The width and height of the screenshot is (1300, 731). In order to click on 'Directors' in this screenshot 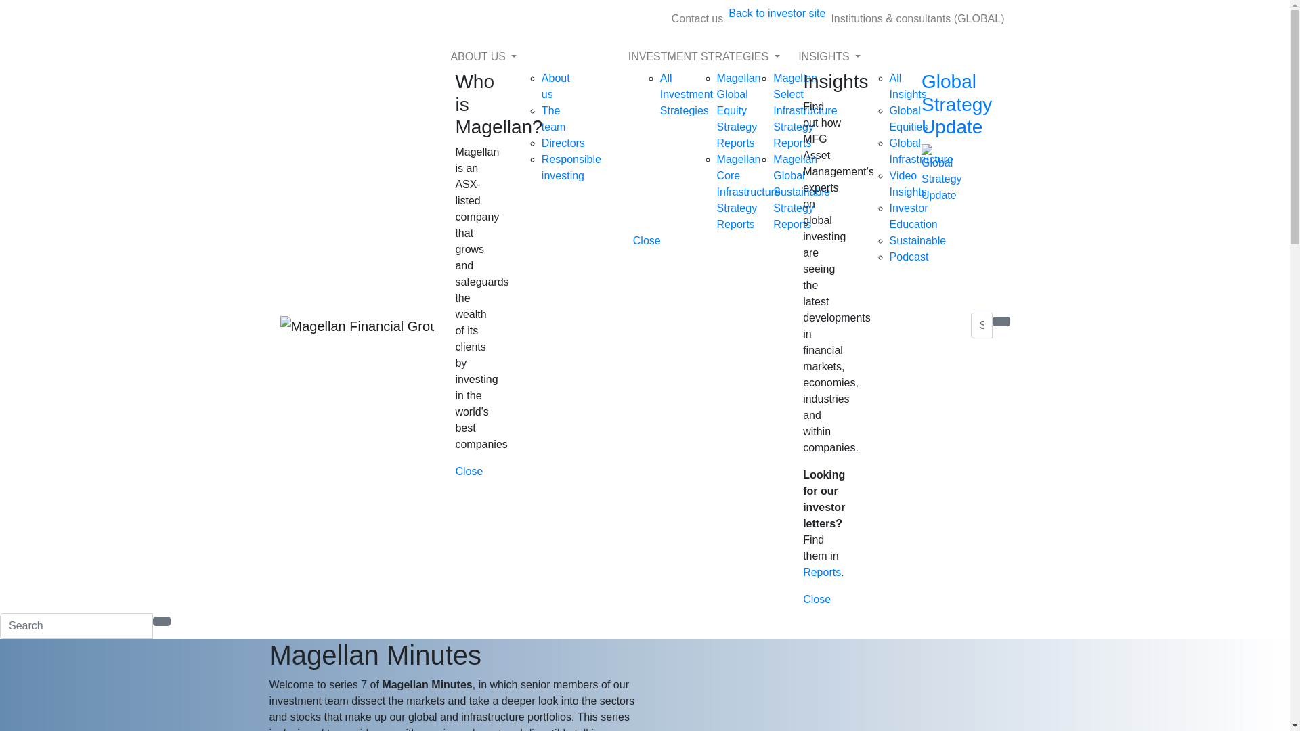, I will do `click(563, 143)`.